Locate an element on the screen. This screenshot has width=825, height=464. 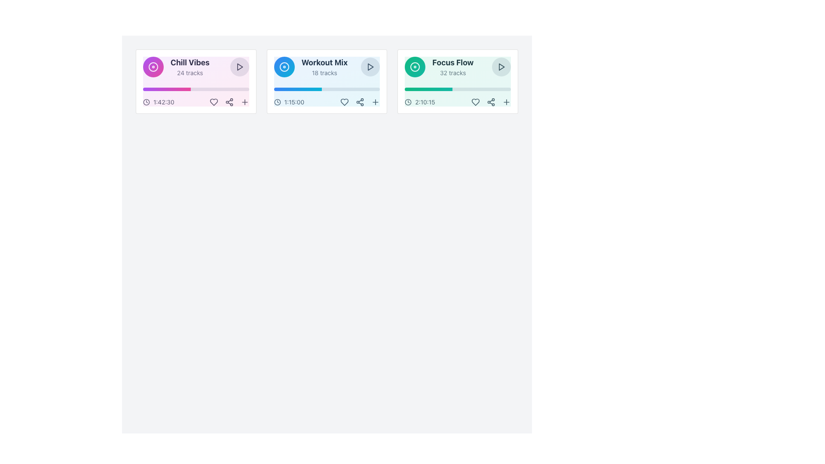
the share icon button located at the bottom right of the 'Chill Vibes' card in the first column of the cards grid is located at coordinates (229, 102).